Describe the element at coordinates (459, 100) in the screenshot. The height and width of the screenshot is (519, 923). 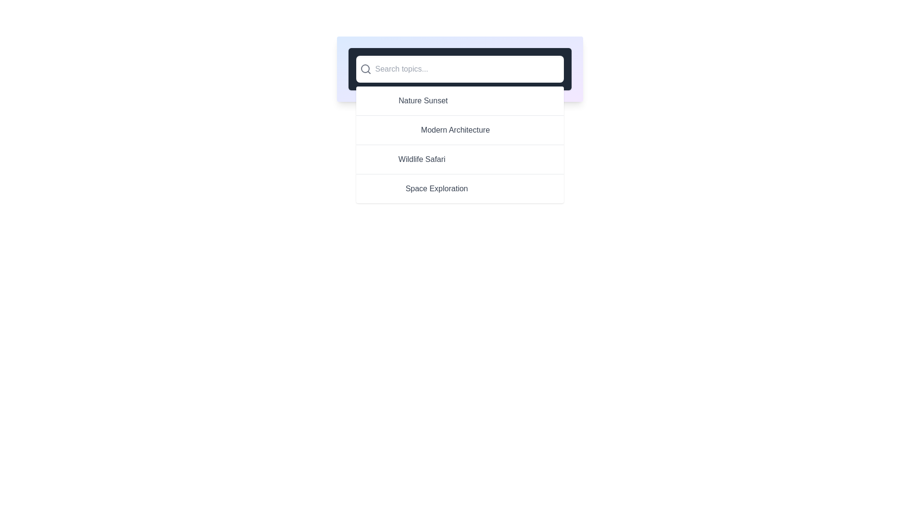
I see `the first selectable menu item labeled 'Nature Sunset'` at that location.